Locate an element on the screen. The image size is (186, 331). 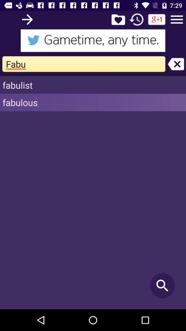
search query is located at coordinates (27, 19).